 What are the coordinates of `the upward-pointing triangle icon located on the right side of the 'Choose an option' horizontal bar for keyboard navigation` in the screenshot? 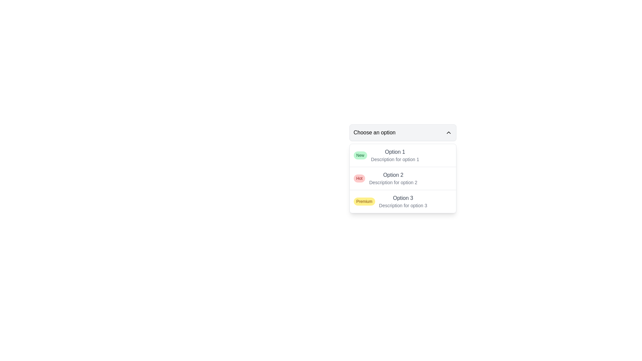 It's located at (448, 133).